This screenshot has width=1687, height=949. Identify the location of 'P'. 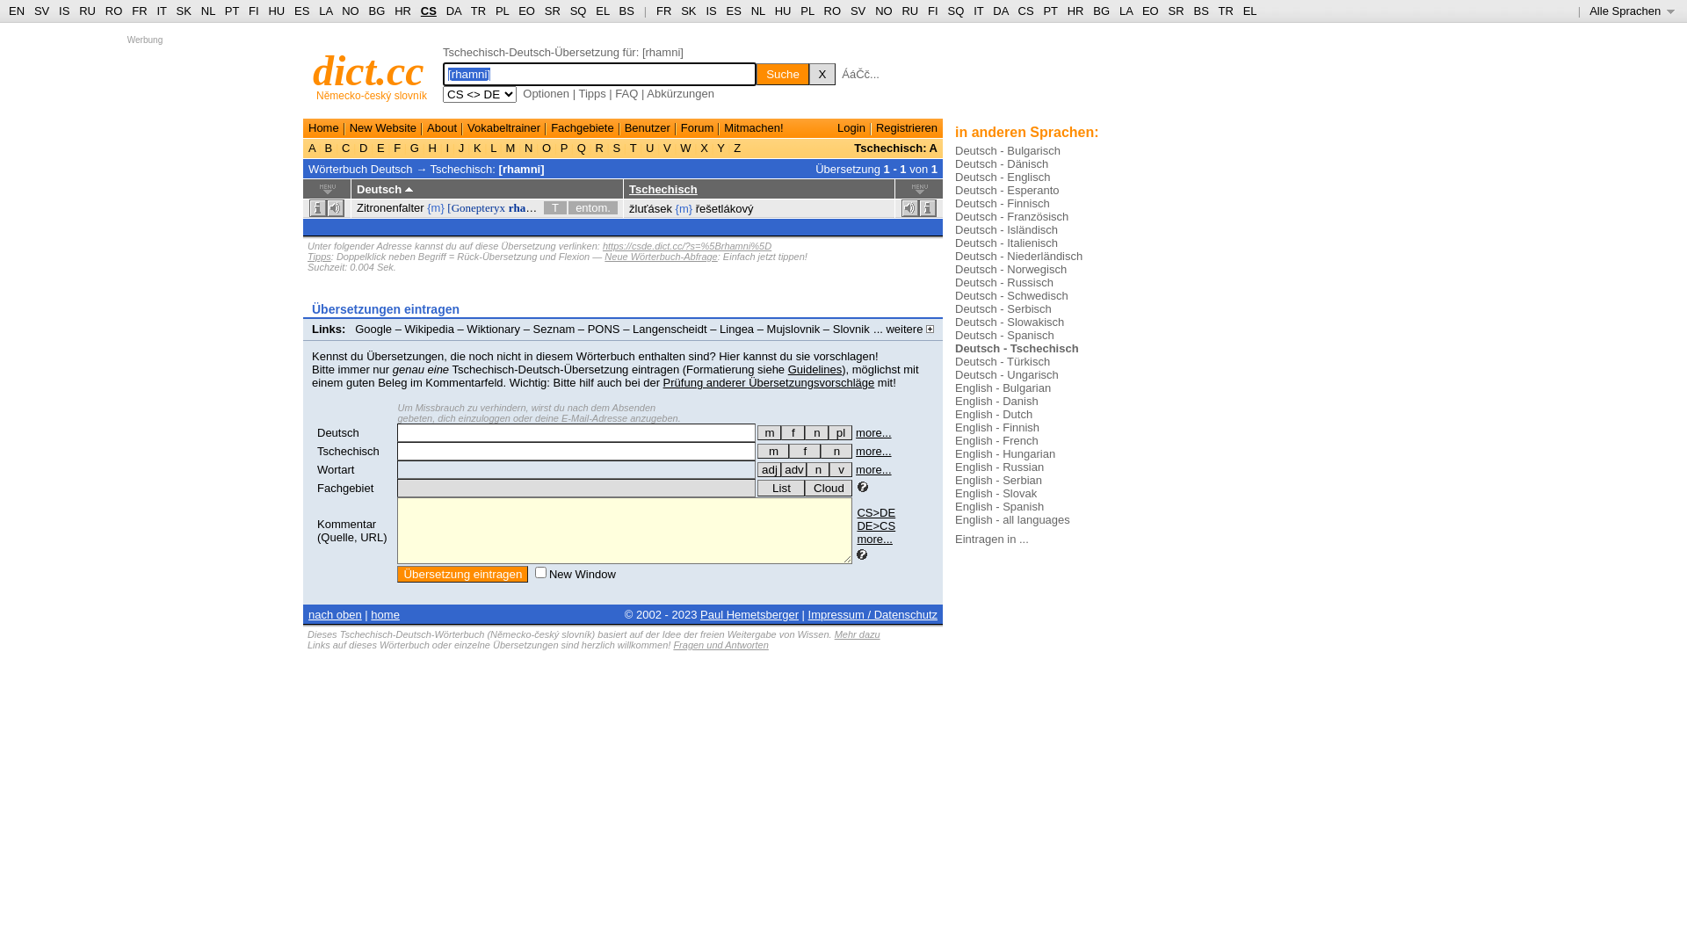
(564, 147).